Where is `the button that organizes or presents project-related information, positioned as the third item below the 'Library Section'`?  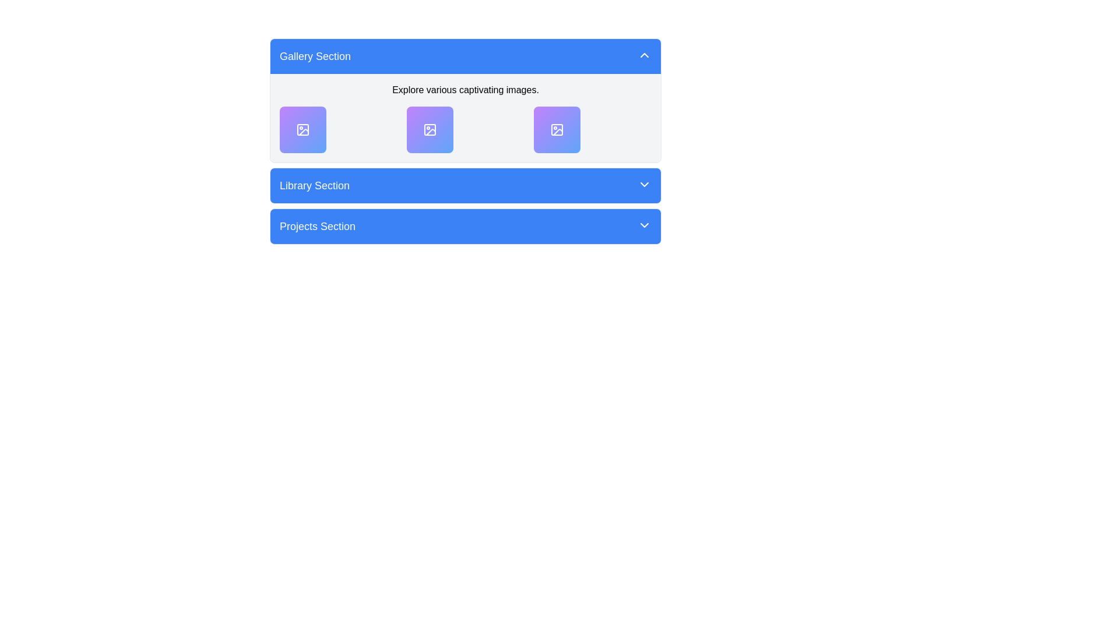
the button that organizes or presents project-related information, positioned as the third item below the 'Library Section' is located at coordinates (465, 227).